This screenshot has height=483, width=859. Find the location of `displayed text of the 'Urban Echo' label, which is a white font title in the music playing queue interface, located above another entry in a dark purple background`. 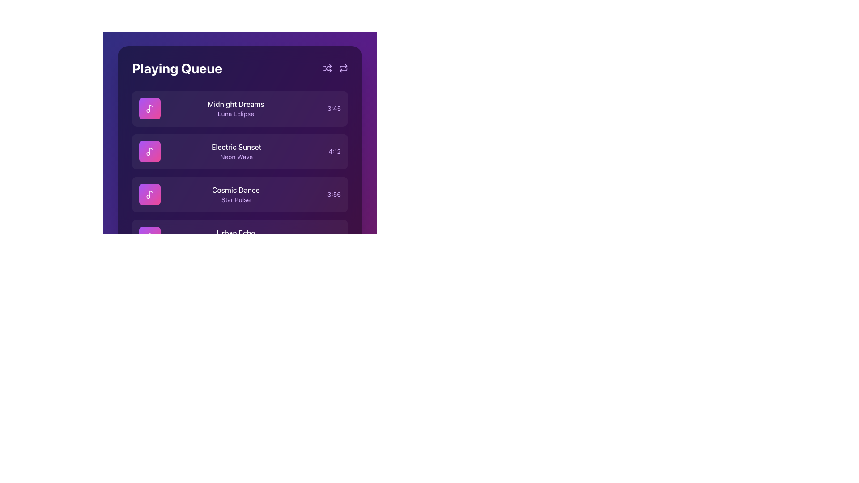

displayed text of the 'Urban Echo' label, which is a white font title in the music playing queue interface, located above another entry in a dark purple background is located at coordinates (236, 232).